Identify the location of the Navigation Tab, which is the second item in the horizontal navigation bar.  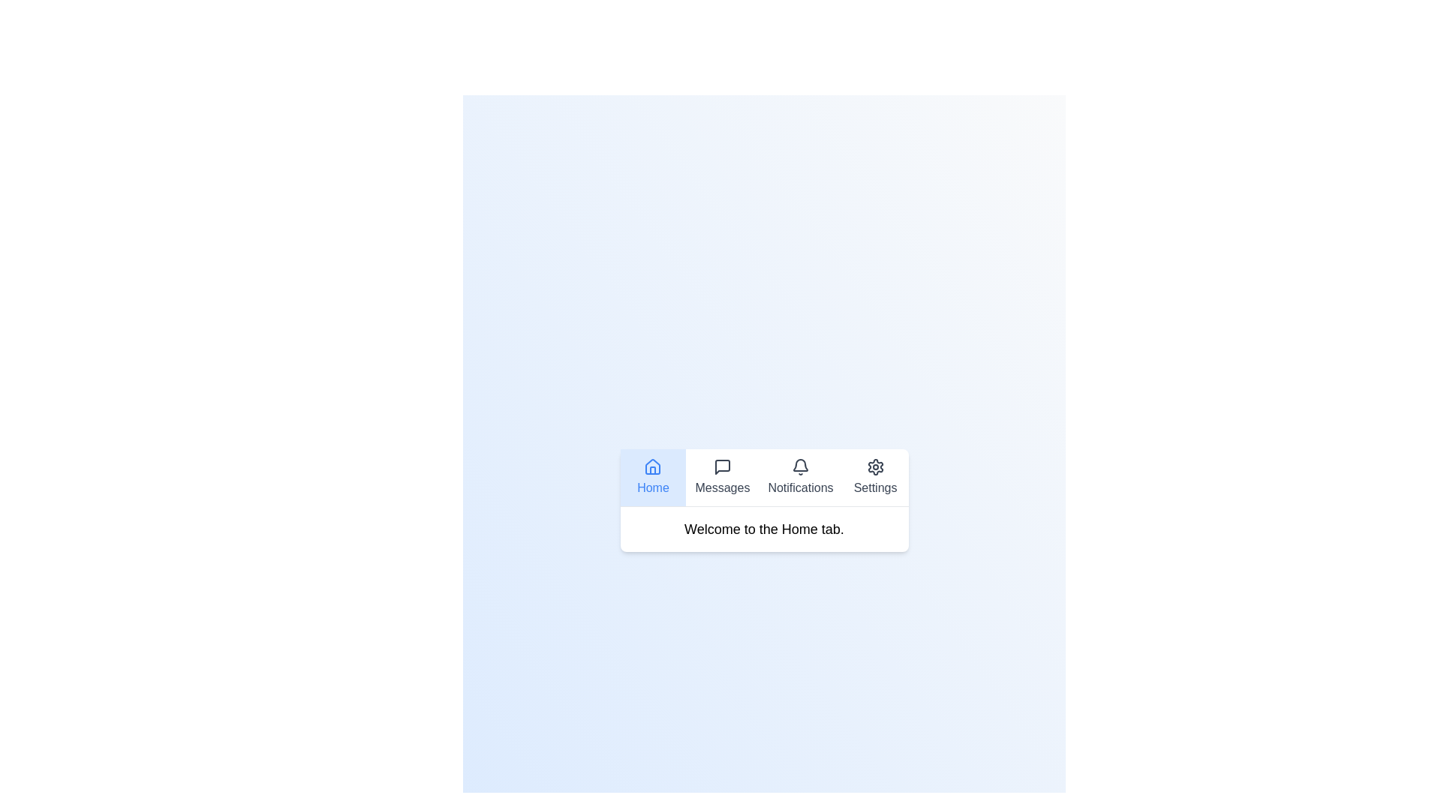
(722, 477).